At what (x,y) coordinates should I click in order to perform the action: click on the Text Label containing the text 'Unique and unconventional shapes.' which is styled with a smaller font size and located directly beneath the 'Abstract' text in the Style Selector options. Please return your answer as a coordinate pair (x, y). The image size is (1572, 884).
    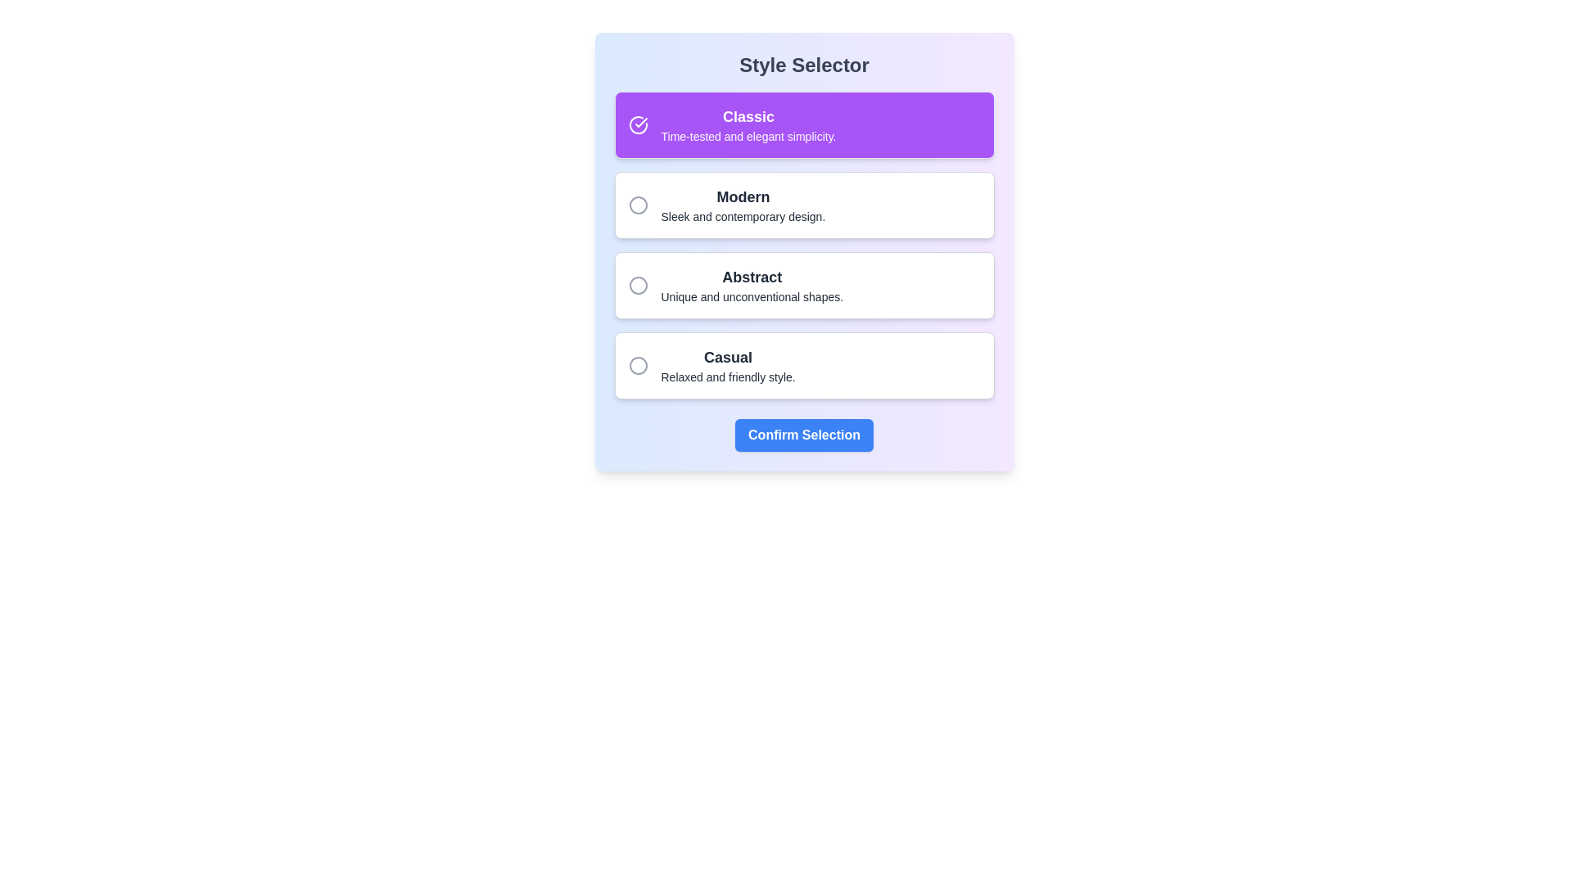
    Looking at the image, I should click on (751, 296).